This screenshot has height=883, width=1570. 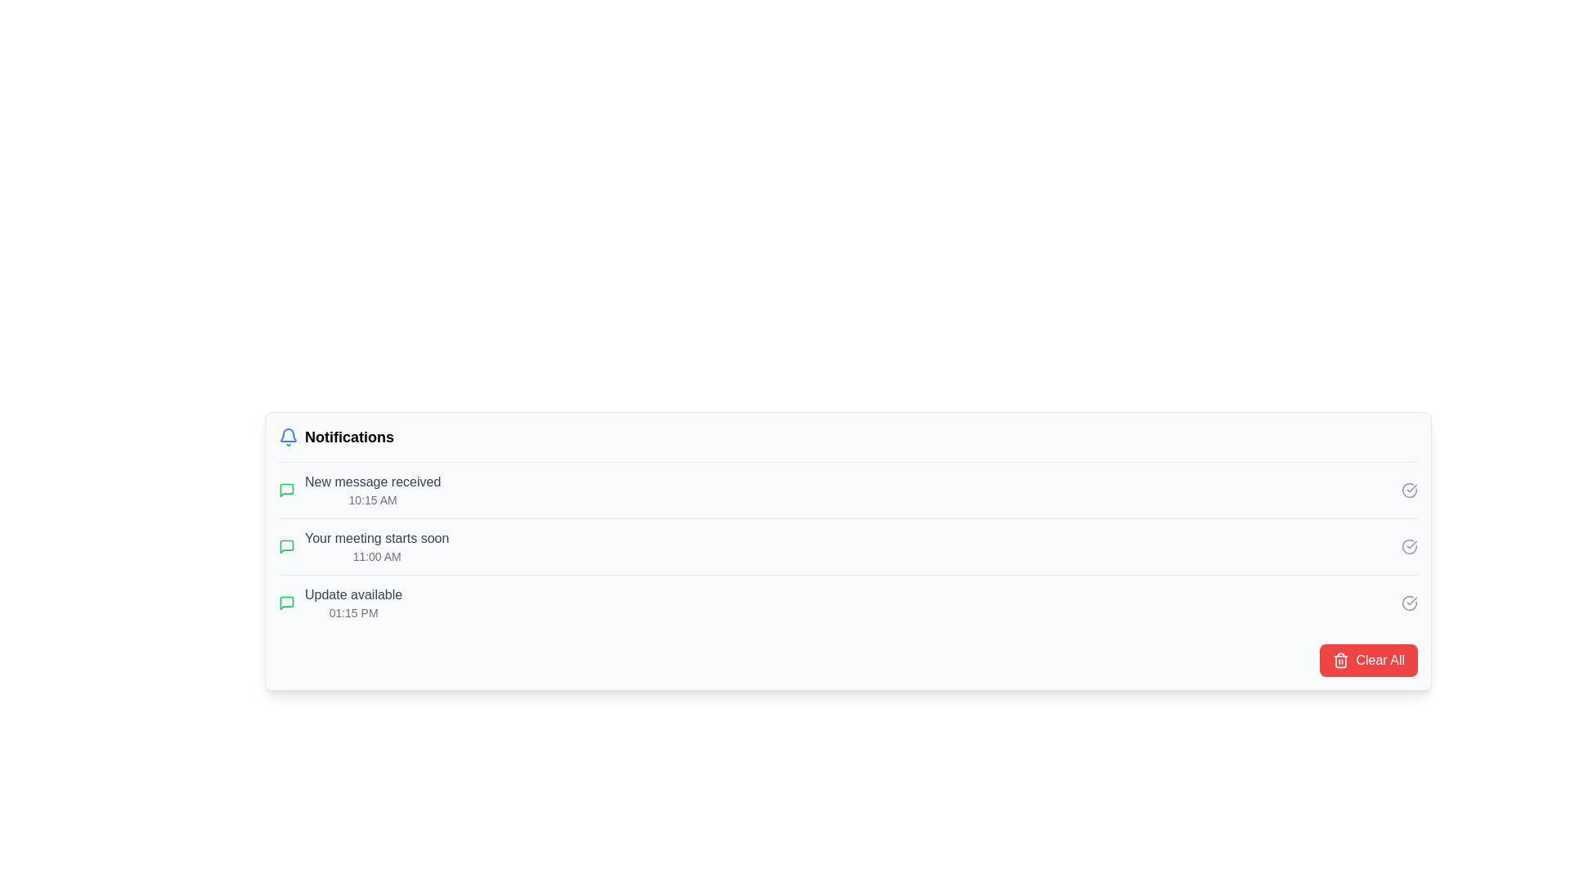 I want to click on the second notification item displaying 'Your meeting starts soon' with the time '11:00 AM', so click(x=376, y=546).